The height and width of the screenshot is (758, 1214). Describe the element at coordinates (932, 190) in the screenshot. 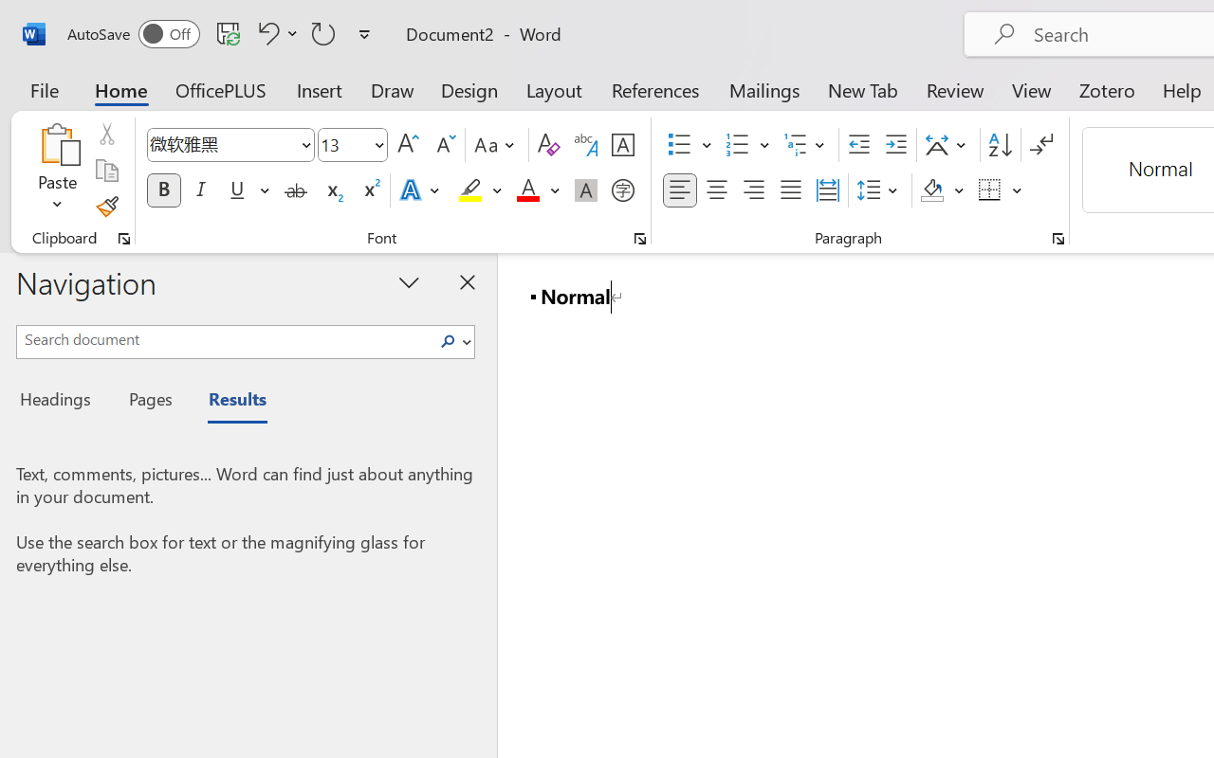

I see `'Shading RGB(0, 0, 0)'` at that location.